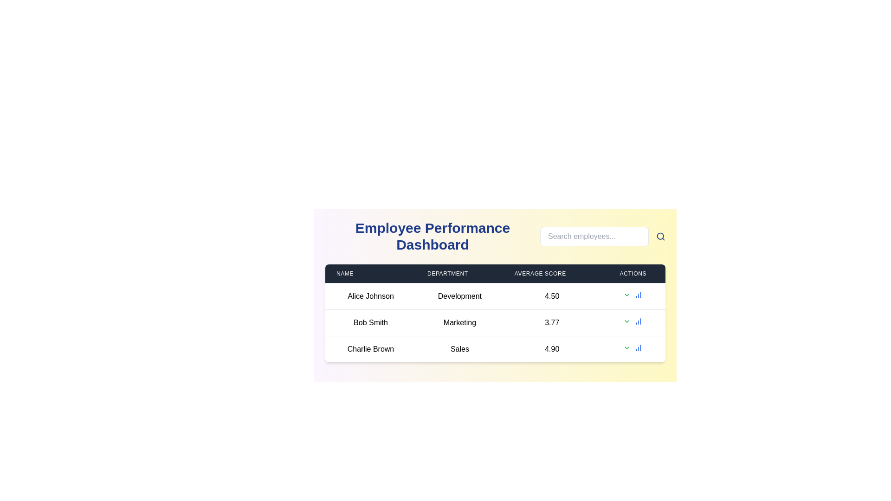  What do you see at coordinates (495, 322) in the screenshot?
I see `the second row in the table containing information about 'Bob Smith'` at bounding box center [495, 322].